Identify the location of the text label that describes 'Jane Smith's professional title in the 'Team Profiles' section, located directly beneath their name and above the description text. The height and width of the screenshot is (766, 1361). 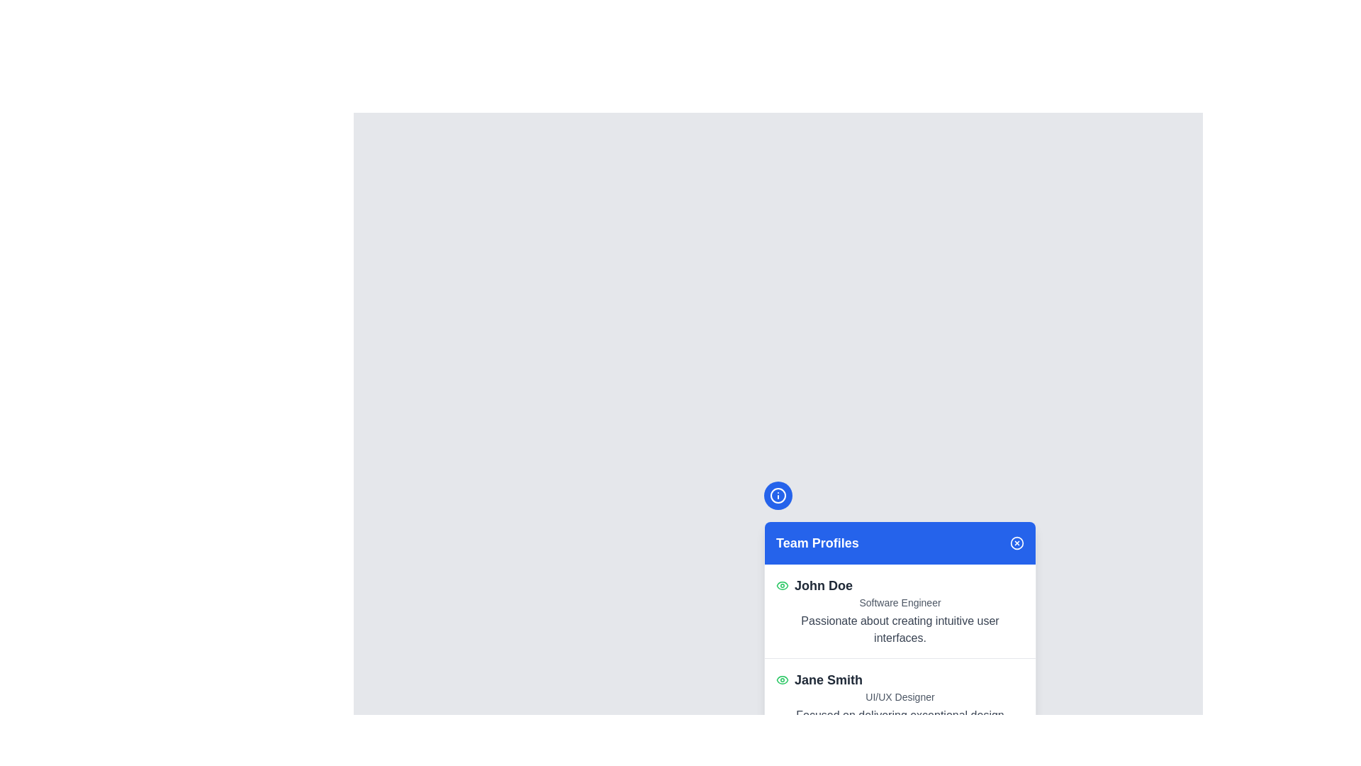
(900, 696).